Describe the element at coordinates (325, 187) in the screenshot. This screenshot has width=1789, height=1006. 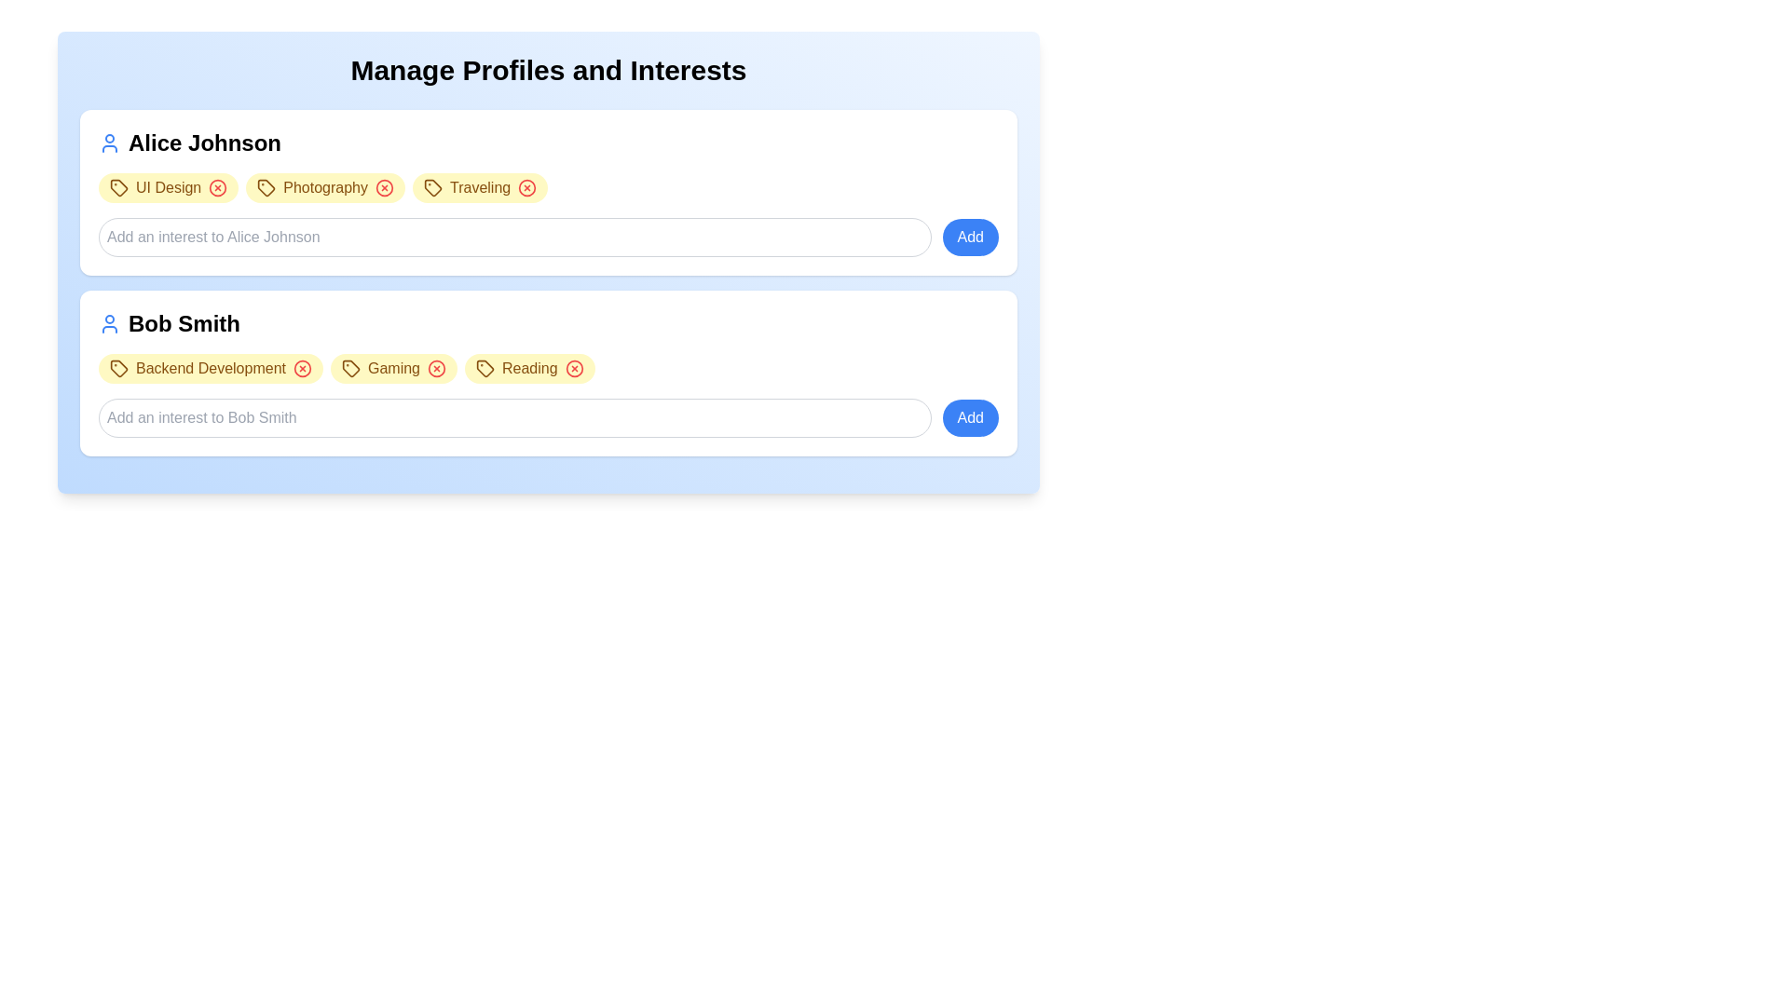
I see `the red 'X' button on the right side of the yellow 'Photography' tag` at that location.